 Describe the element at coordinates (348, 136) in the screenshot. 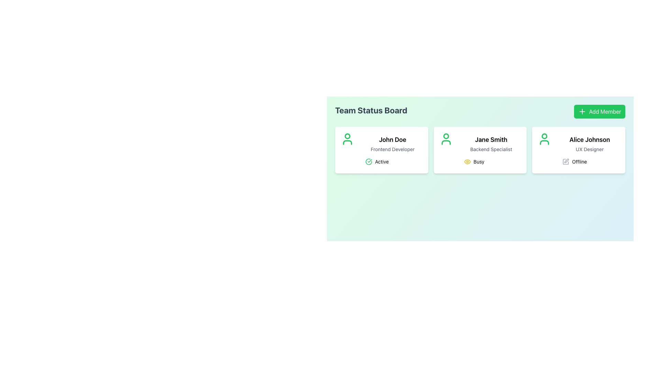

I see `small circular graphical component that represents the head of a user avatar in the SVG icon using a developer tool` at that location.